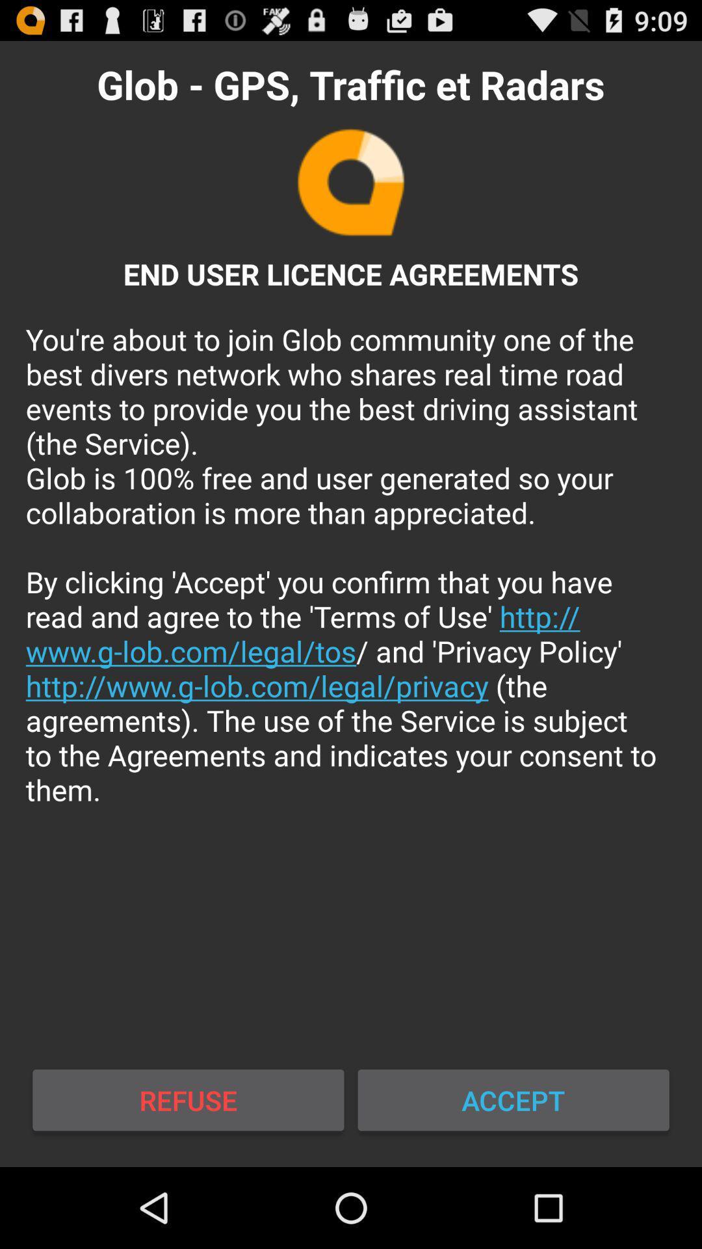 Image resolution: width=702 pixels, height=1249 pixels. I want to click on the refuse icon, so click(188, 1099).